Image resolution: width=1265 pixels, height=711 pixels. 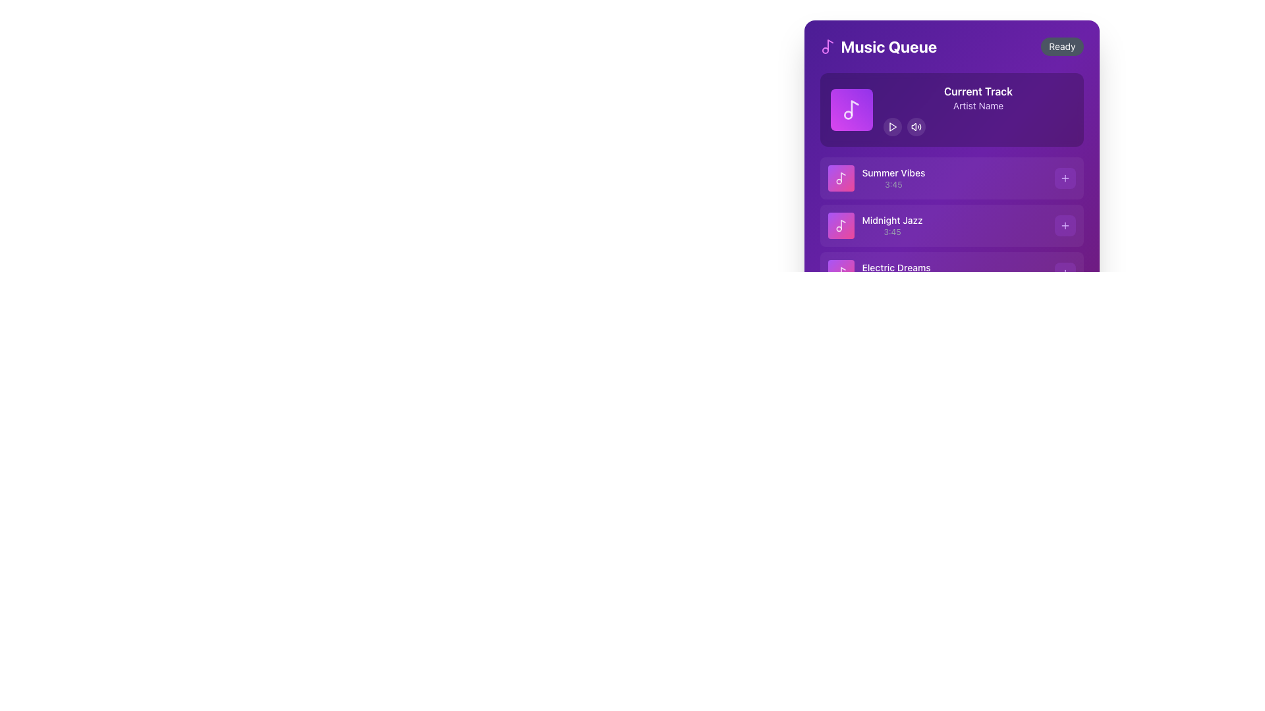 I want to click on the circular icon with a gradient background transitioning from purple to pink, which contains a small music note icon in white, located next to the 'Electric Dreams' text, so click(x=840, y=273).